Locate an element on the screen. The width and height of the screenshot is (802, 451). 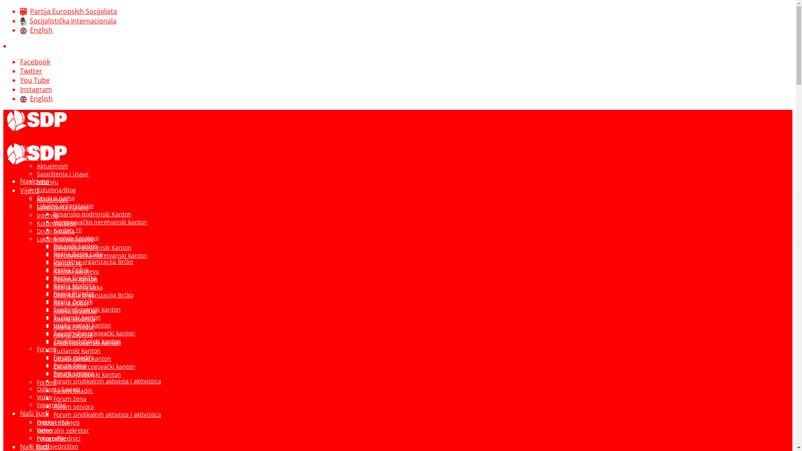
'Regija Doboj' is located at coordinates (71, 269).